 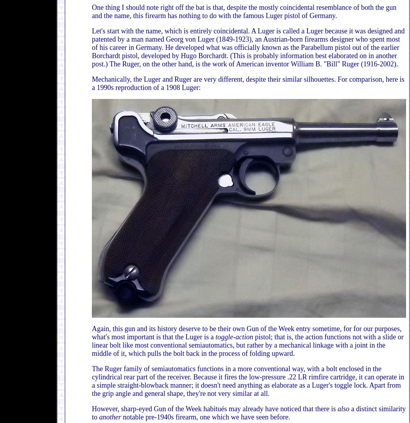 What do you see at coordinates (249, 413) in the screenshot?
I see `'a distinct similarity to'` at bounding box center [249, 413].